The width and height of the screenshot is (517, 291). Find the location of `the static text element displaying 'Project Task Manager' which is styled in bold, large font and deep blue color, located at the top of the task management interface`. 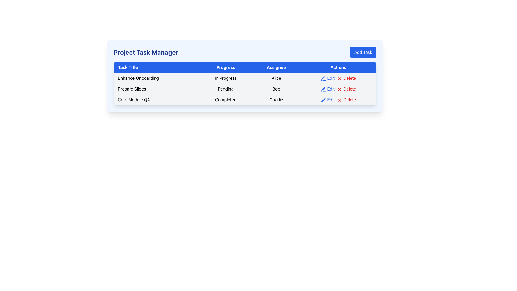

the static text element displaying 'Project Task Manager' which is styled in bold, large font and deep blue color, located at the top of the task management interface is located at coordinates (146, 52).